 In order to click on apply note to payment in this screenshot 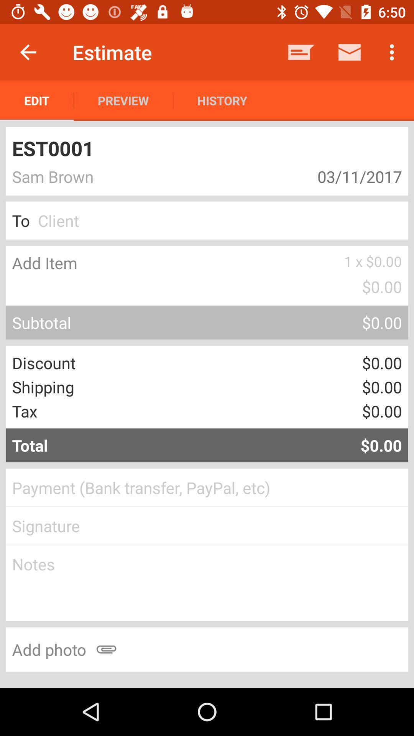, I will do `click(207, 583)`.